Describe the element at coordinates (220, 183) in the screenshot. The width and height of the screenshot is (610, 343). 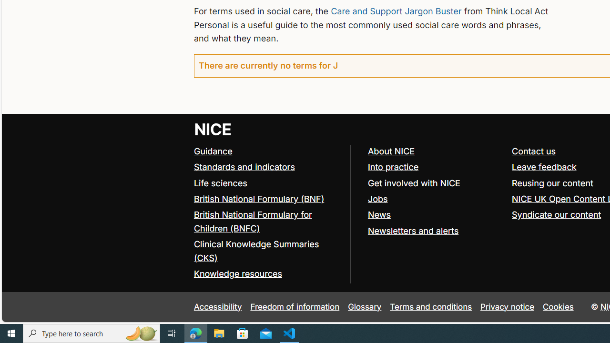
I see `'Life sciences'` at that location.